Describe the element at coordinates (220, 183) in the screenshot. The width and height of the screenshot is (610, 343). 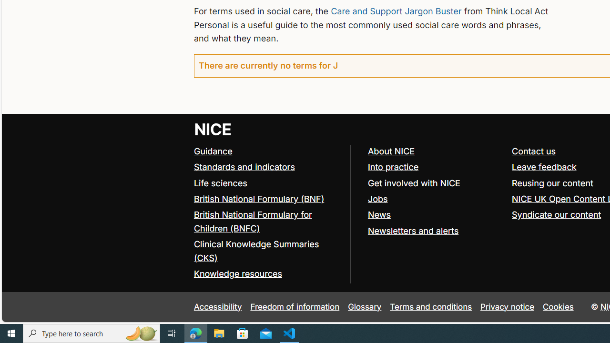
I see `'Life sciences'` at that location.